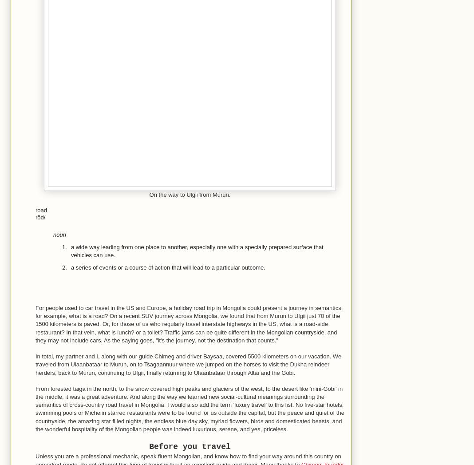 This screenshot has height=465, width=474. Describe the element at coordinates (39, 217) in the screenshot. I see `'rōd/'` at that location.